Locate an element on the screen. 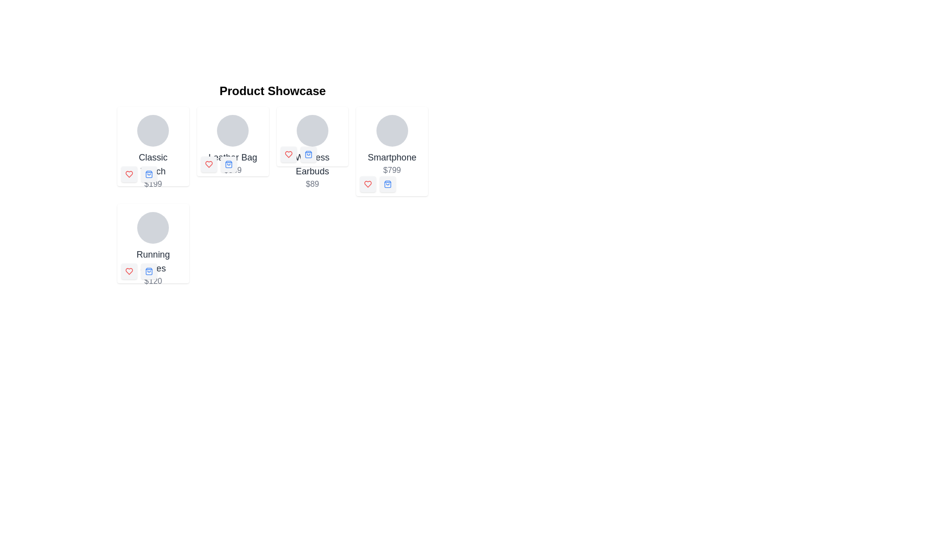  the heart icon outlined in red, located at the bottom-left of the product card labeled 'Wireless Earbuds $89' is located at coordinates (288, 155).